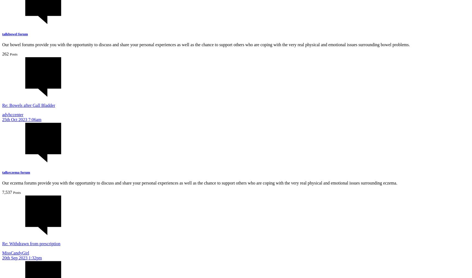  I want to click on '25th Oct 2023 7:06am', so click(22, 119).